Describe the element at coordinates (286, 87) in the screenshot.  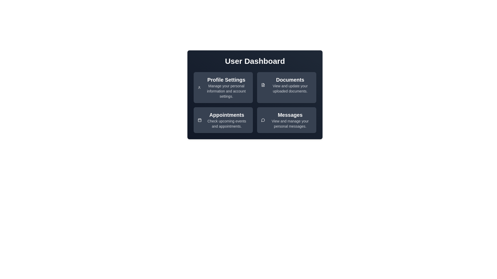
I see `the 'Documents' card to view and manage your documents` at that location.